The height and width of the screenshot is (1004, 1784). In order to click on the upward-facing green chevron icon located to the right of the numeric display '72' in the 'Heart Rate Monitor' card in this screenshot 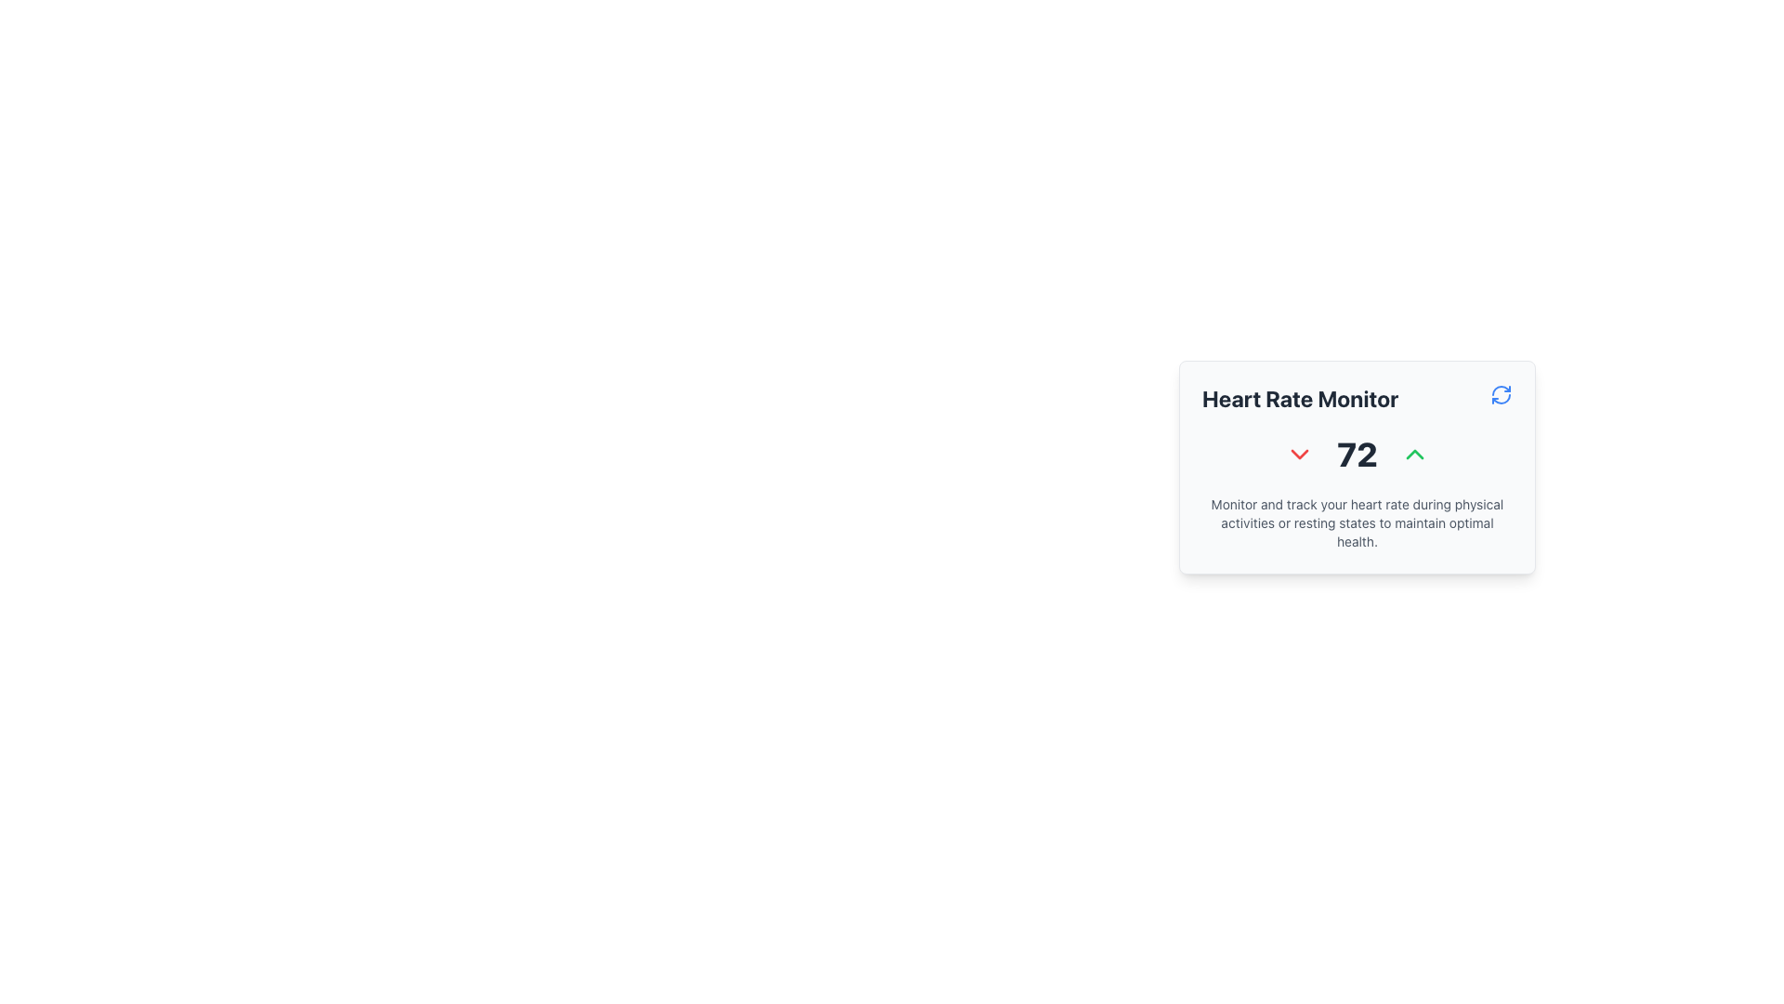, I will do `click(1413, 455)`.